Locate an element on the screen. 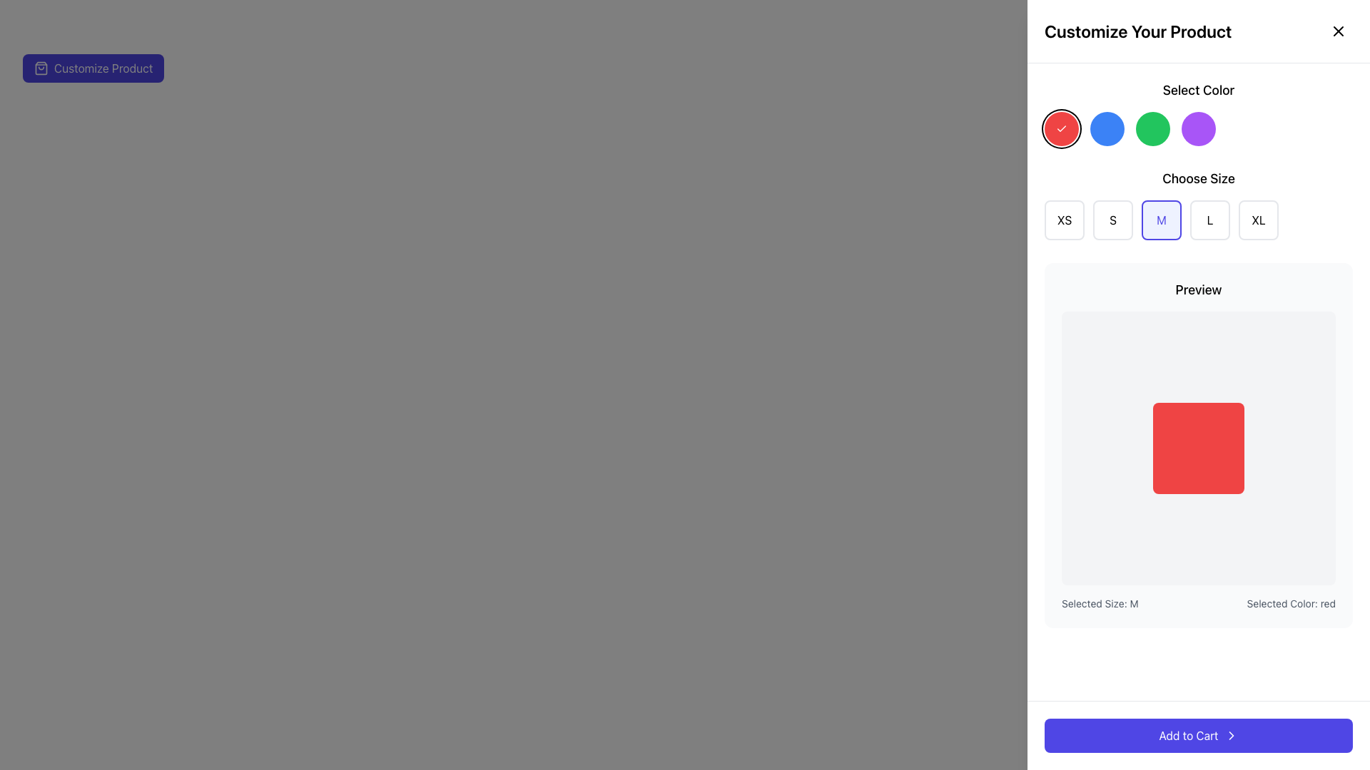 The height and width of the screenshot is (770, 1370). the 'X' icon button located at the top right corner of the panel to trigger its hover effects is located at coordinates (1338, 31).